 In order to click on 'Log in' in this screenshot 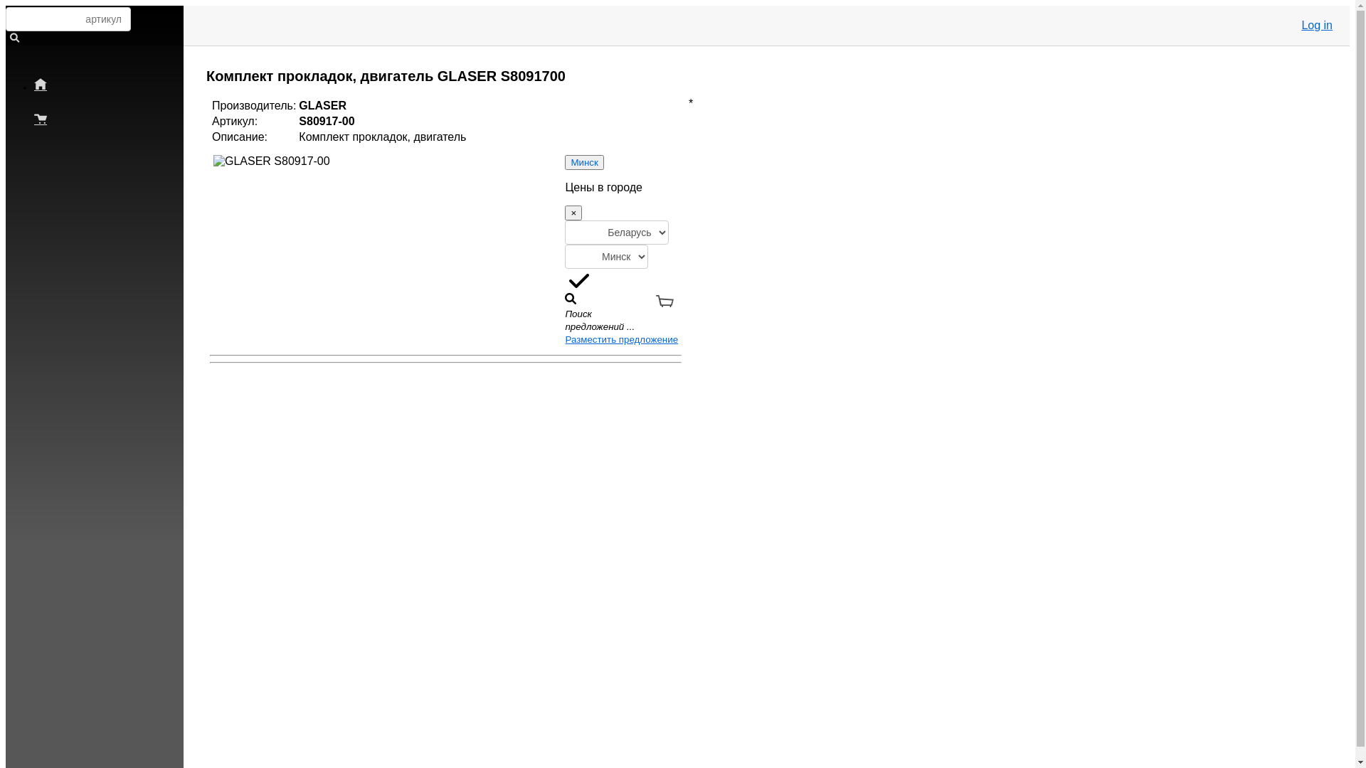, I will do `click(1316, 25)`.